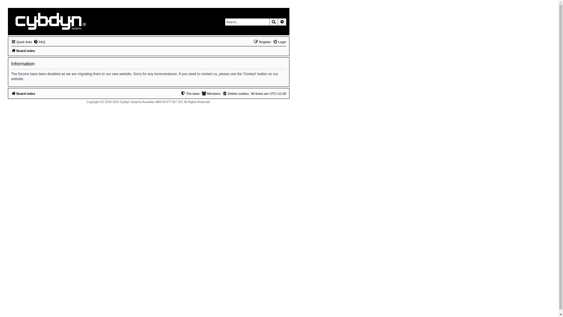  I want to click on 'Search', so click(273, 21).